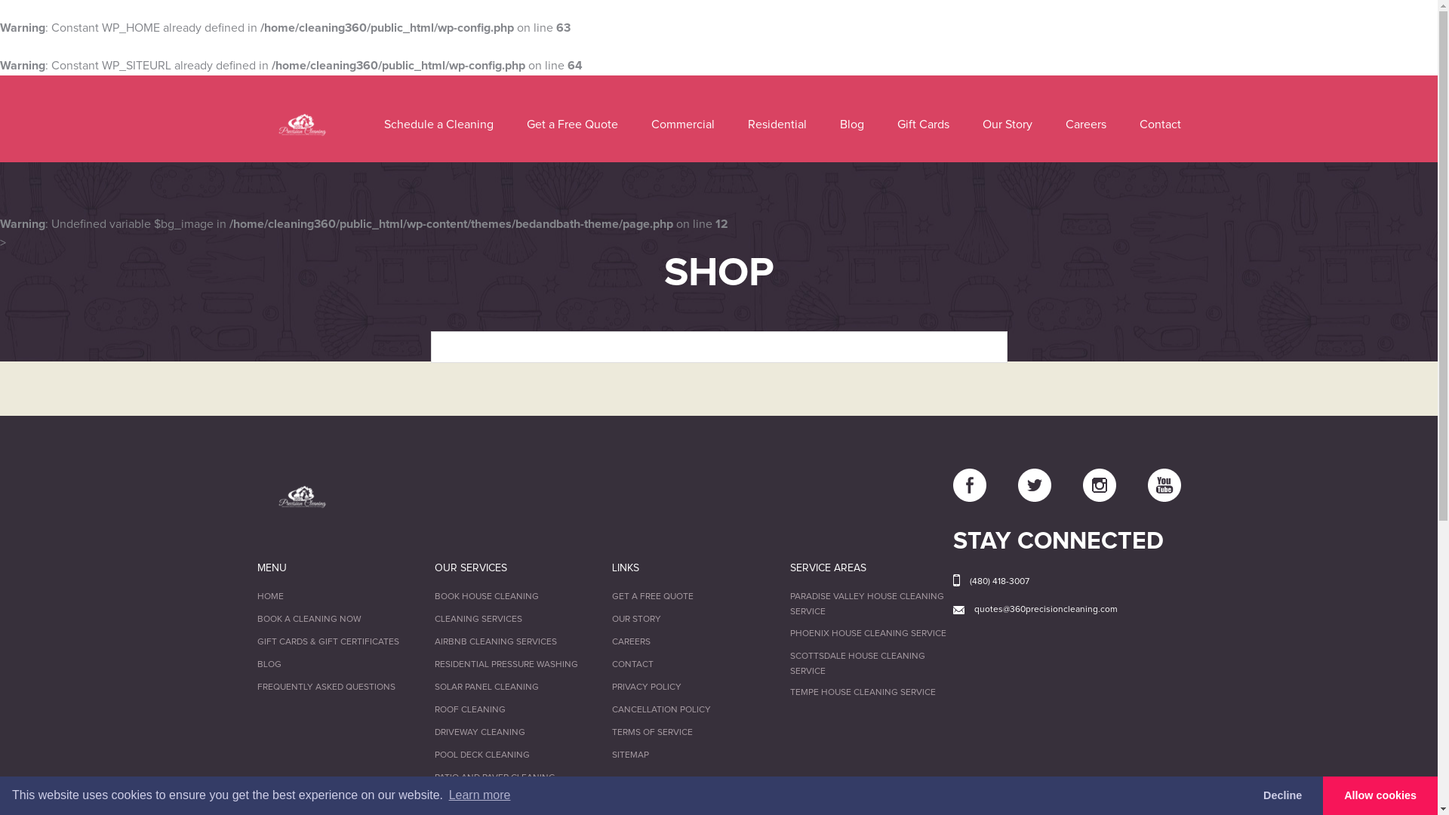  Describe the element at coordinates (477, 620) in the screenshot. I see `'CLEANING SERVICES'` at that location.